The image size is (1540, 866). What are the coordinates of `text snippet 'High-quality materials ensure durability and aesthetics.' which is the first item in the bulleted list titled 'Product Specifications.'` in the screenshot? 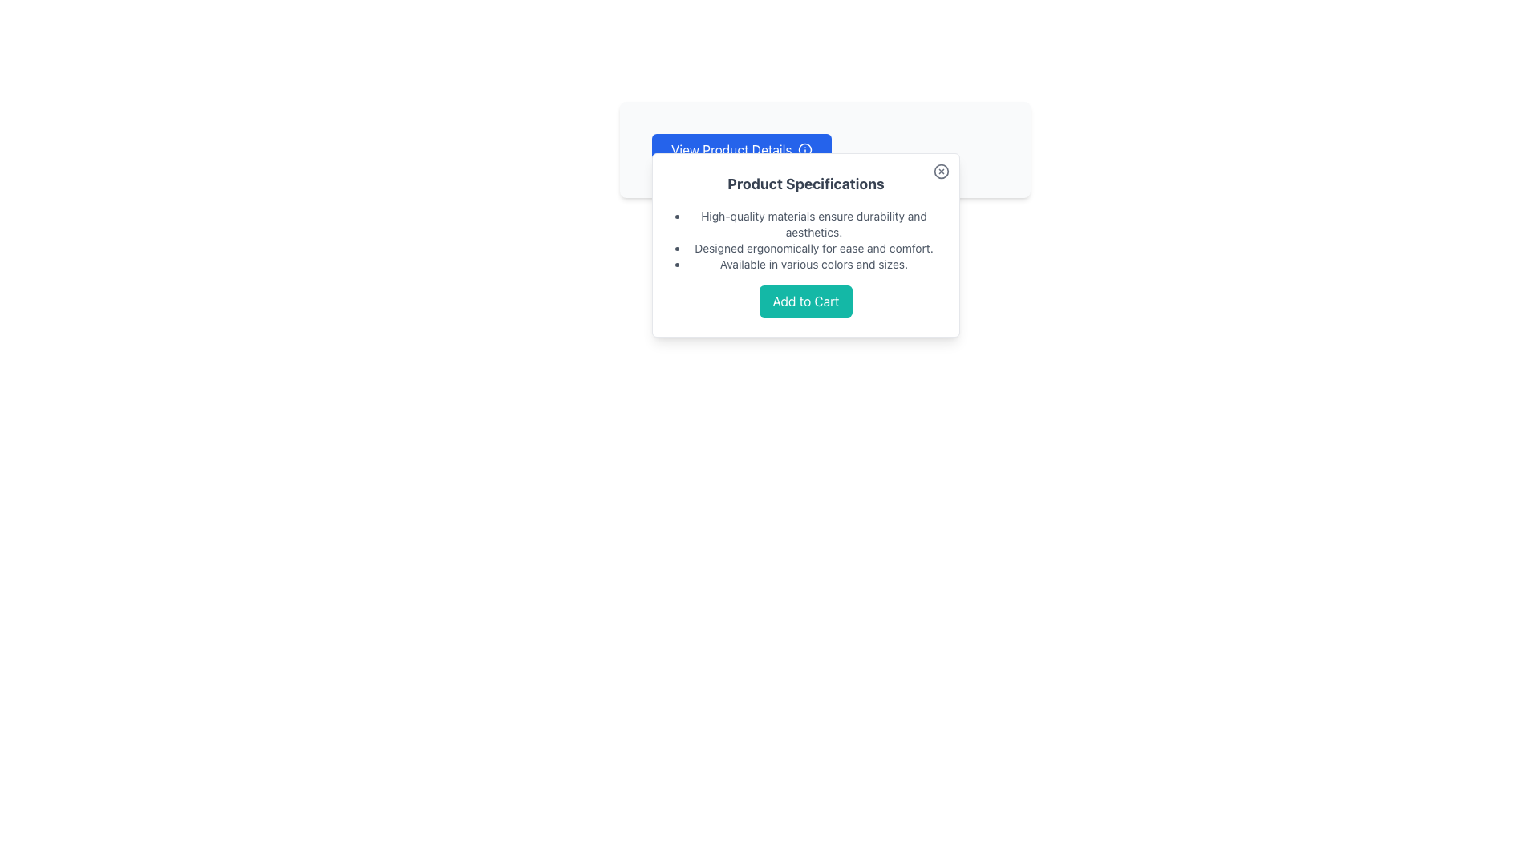 It's located at (813, 225).